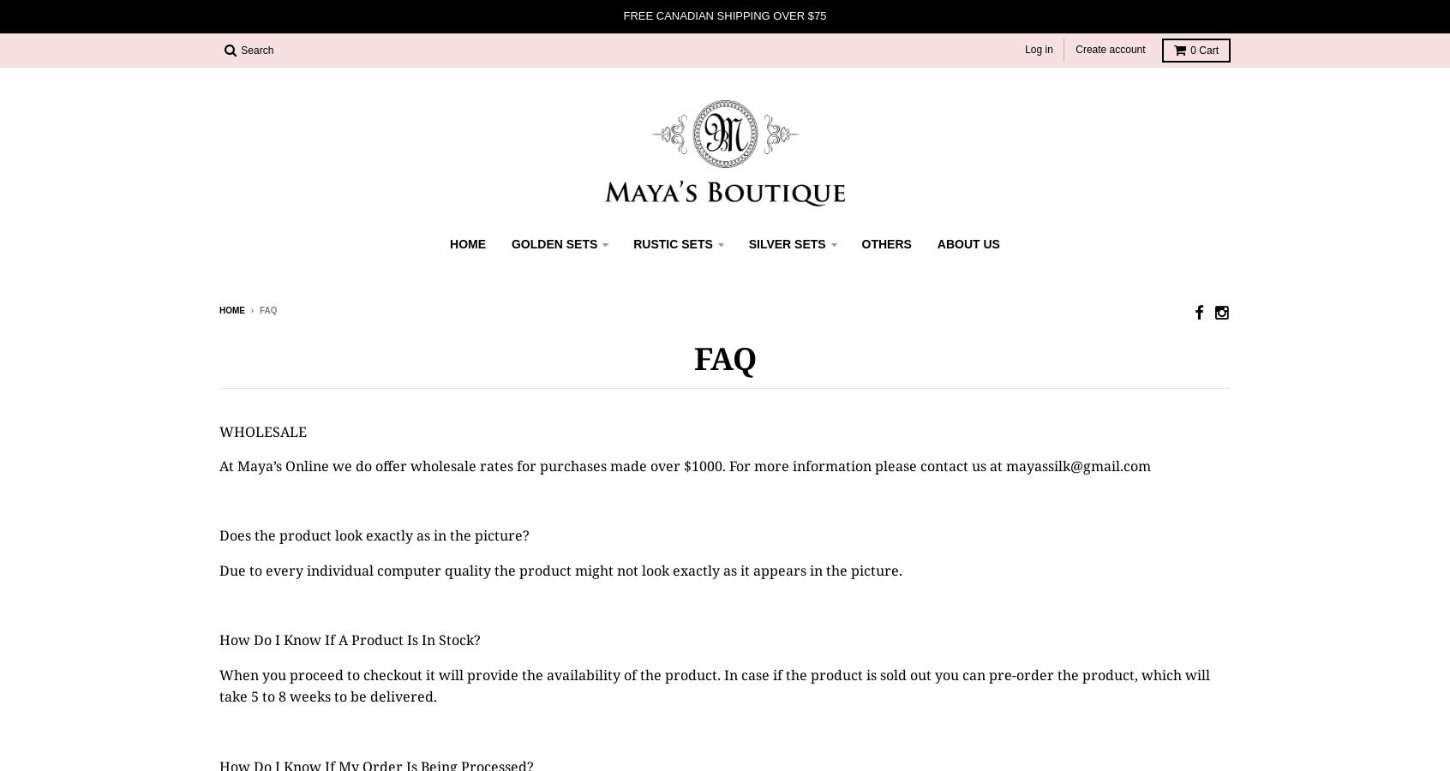 The height and width of the screenshot is (771, 1450). What do you see at coordinates (672, 243) in the screenshot?
I see `'Rustic Sets'` at bounding box center [672, 243].